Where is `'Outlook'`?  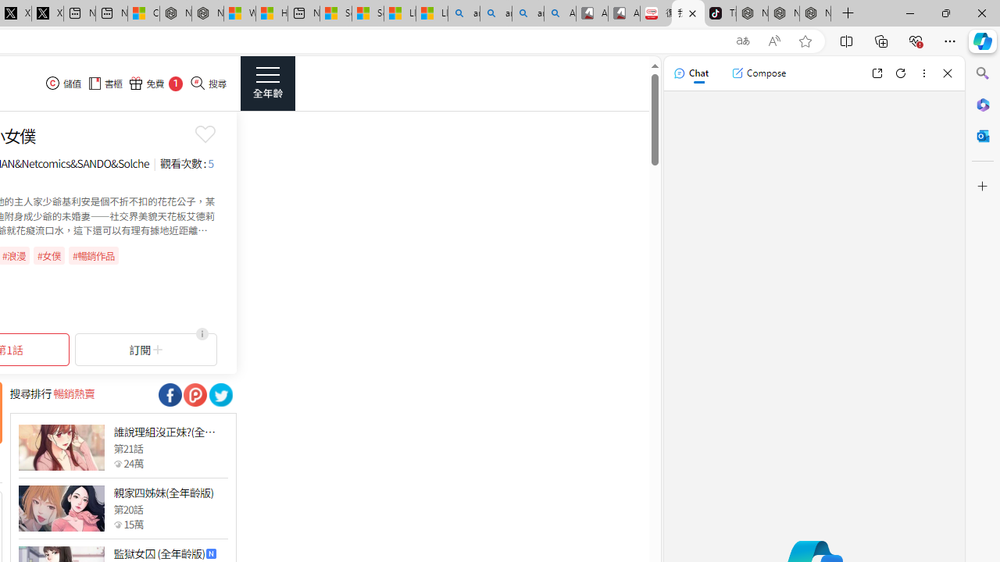
'Outlook' is located at coordinates (982, 135).